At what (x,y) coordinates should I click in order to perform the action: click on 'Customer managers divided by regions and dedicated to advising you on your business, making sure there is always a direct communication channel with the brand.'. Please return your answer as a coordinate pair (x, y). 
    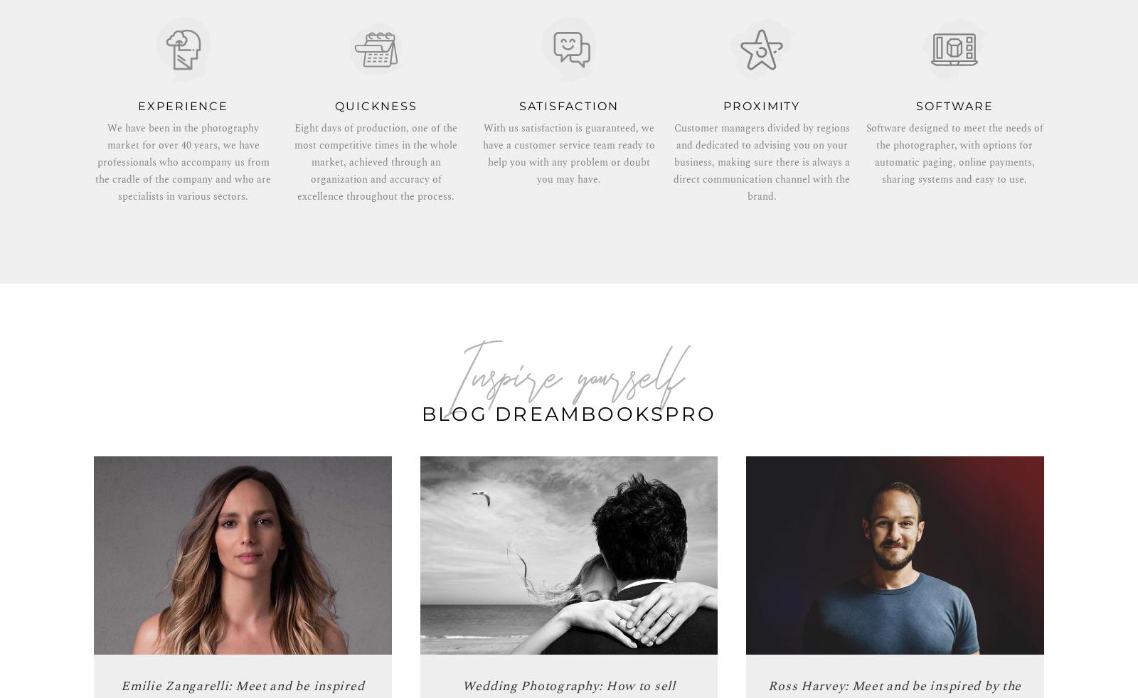
    Looking at the image, I should click on (673, 161).